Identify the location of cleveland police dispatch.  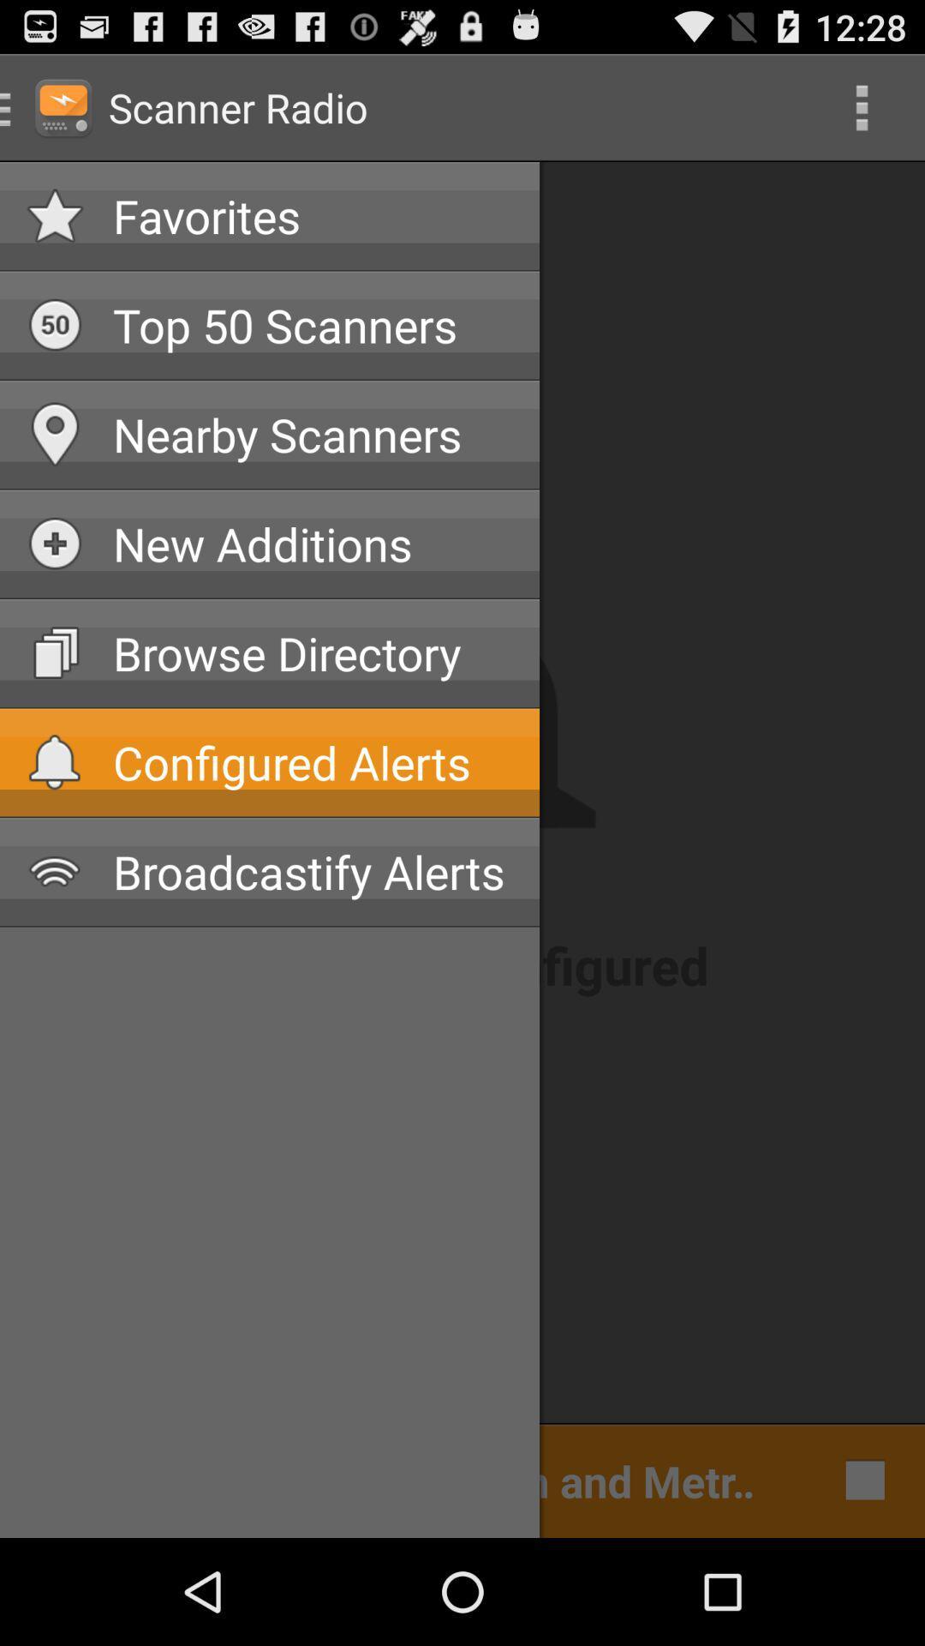
(398, 1479).